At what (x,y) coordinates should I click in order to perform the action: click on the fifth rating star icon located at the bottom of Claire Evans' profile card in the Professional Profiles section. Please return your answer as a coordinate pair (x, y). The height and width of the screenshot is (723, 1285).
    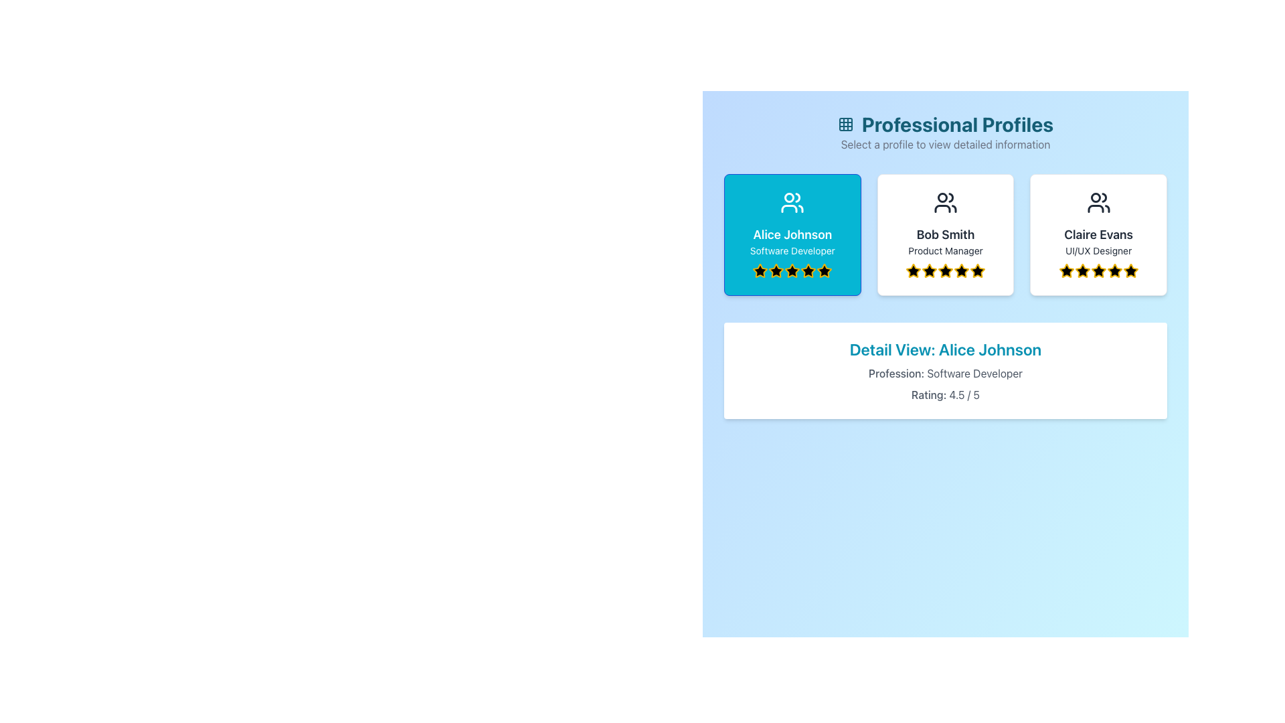
    Looking at the image, I should click on (1114, 271).